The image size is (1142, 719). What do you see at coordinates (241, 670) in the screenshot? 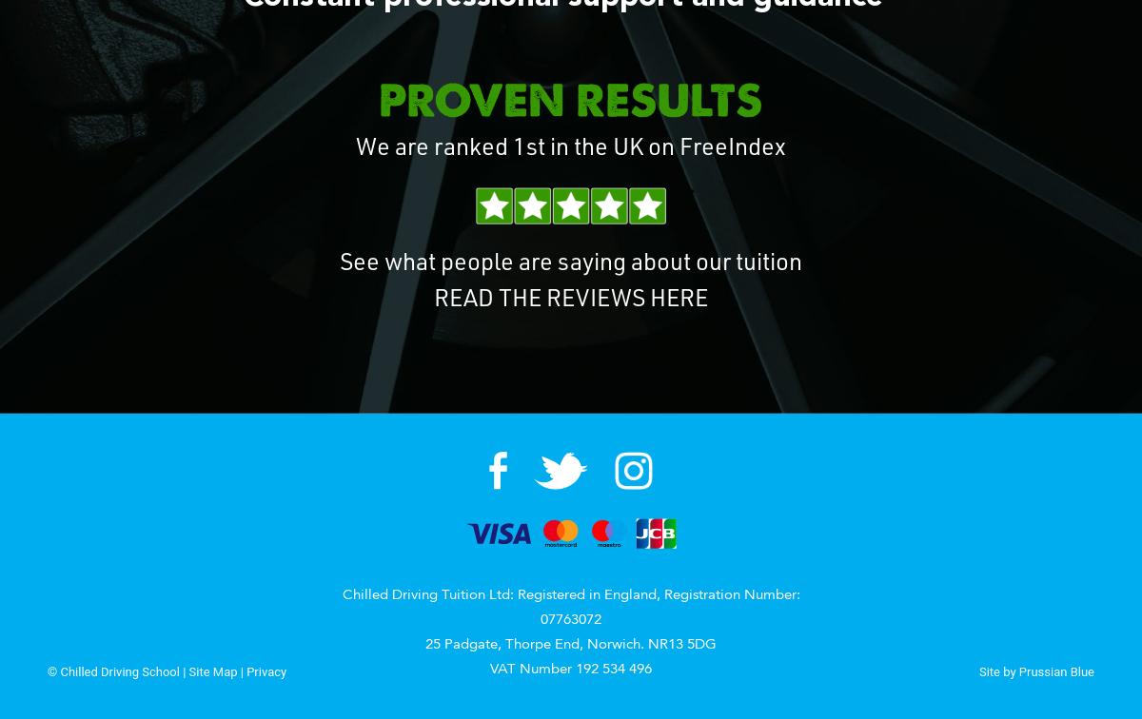
I see `'|'` at bounding box center [241, 670].